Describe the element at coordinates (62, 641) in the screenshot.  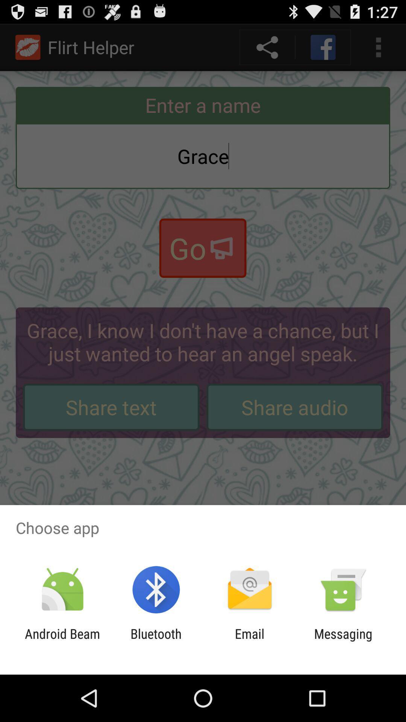
I see `the app to the left of the bluetooth item` at that location.